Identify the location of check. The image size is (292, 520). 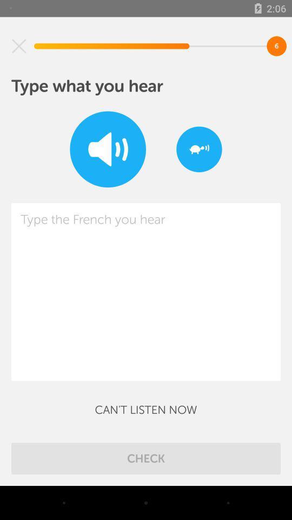
(146, 458).